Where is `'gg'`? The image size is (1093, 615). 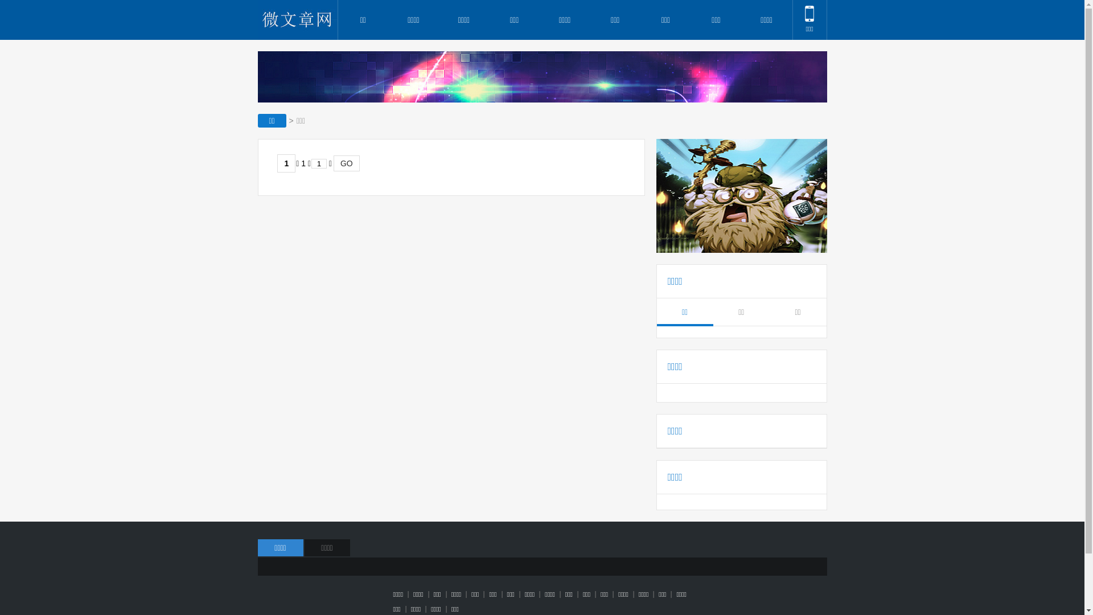
'gg' is located at coordinates (541, 77).